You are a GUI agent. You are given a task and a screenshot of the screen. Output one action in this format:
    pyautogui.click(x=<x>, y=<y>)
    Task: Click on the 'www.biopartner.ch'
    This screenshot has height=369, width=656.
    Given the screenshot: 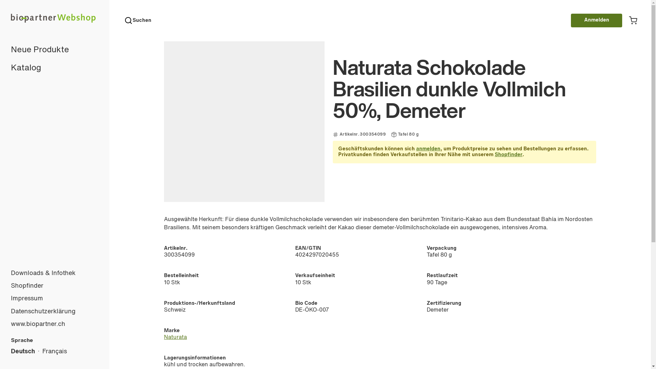 What is the action you would take?
    pyautogui.click(x=54, y=324)
    